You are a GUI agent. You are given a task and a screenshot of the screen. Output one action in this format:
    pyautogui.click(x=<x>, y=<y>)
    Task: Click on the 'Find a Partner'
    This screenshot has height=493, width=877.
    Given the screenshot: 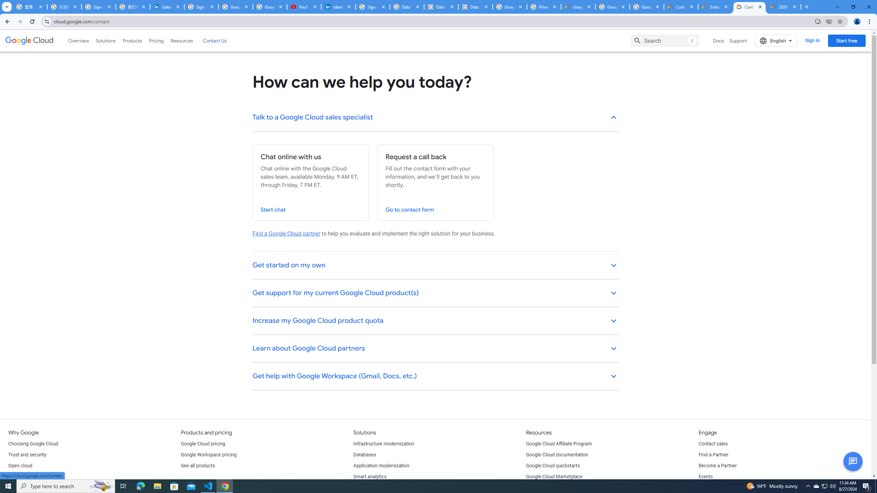 What is the action you would take?
    pyautogui.click(x=713, y=455)
    